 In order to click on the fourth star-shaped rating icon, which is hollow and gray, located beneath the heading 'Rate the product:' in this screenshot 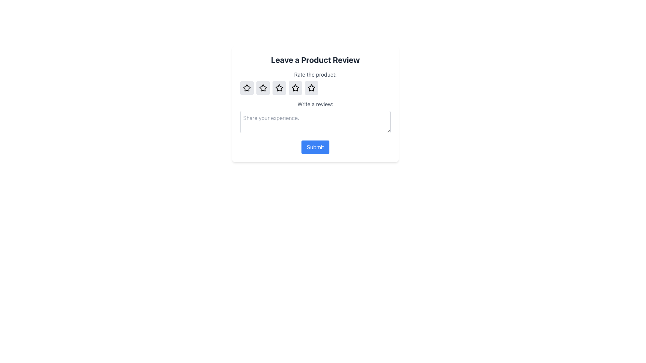, I will do `click(295, 88)`.